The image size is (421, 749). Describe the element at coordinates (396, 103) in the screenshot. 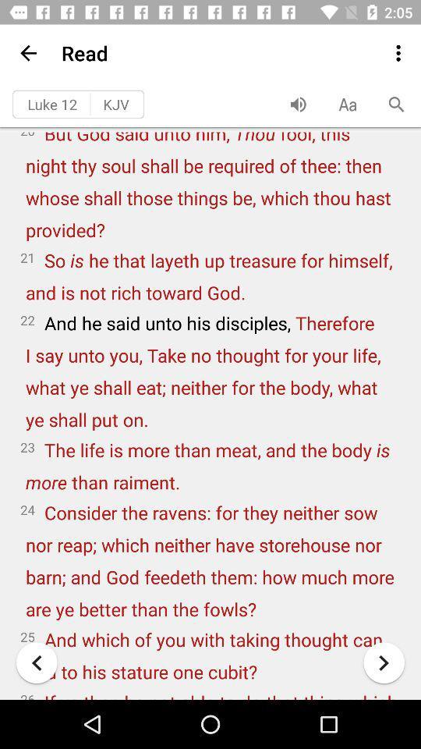

I see `the search icon` at that location.